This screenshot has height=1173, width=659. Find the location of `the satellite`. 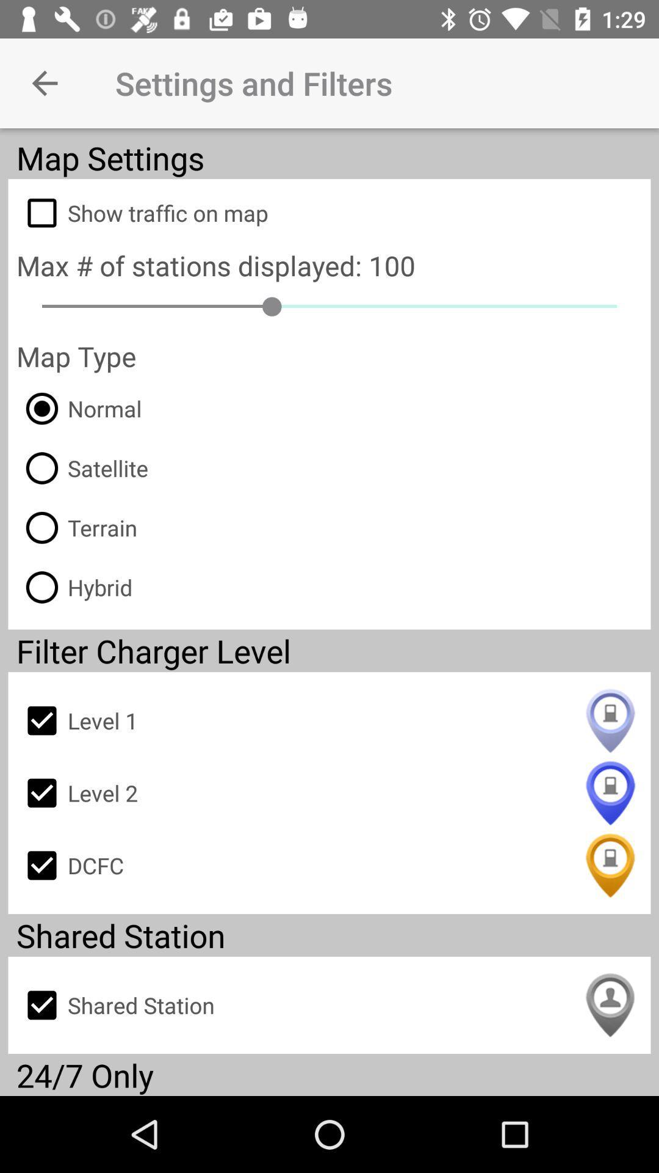

the satellite is located at coordinates (82, 467).